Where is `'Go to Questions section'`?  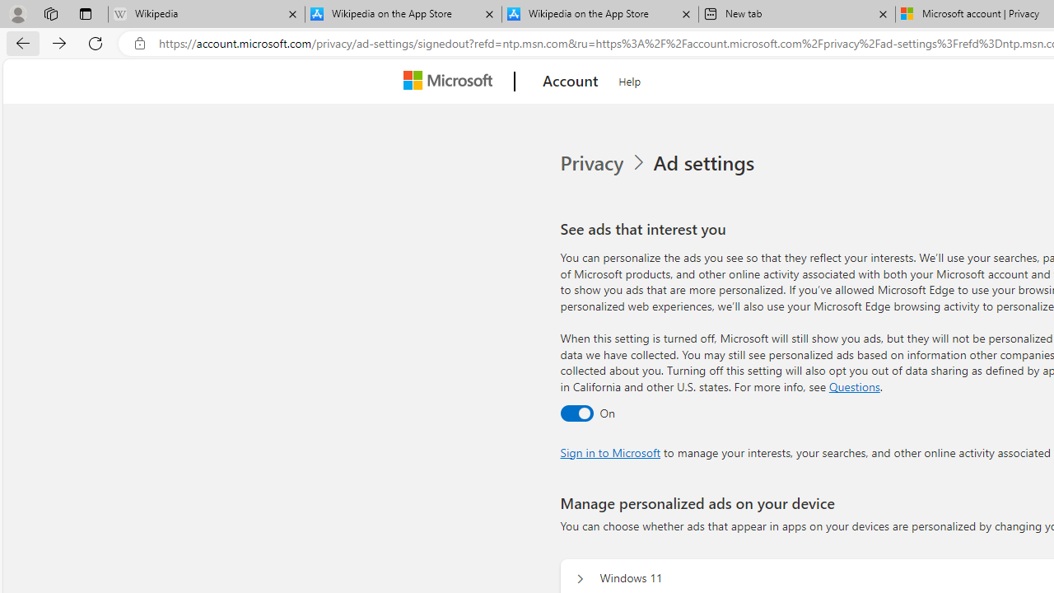
'Go to Questions section' is located at coordinates (854, 386).